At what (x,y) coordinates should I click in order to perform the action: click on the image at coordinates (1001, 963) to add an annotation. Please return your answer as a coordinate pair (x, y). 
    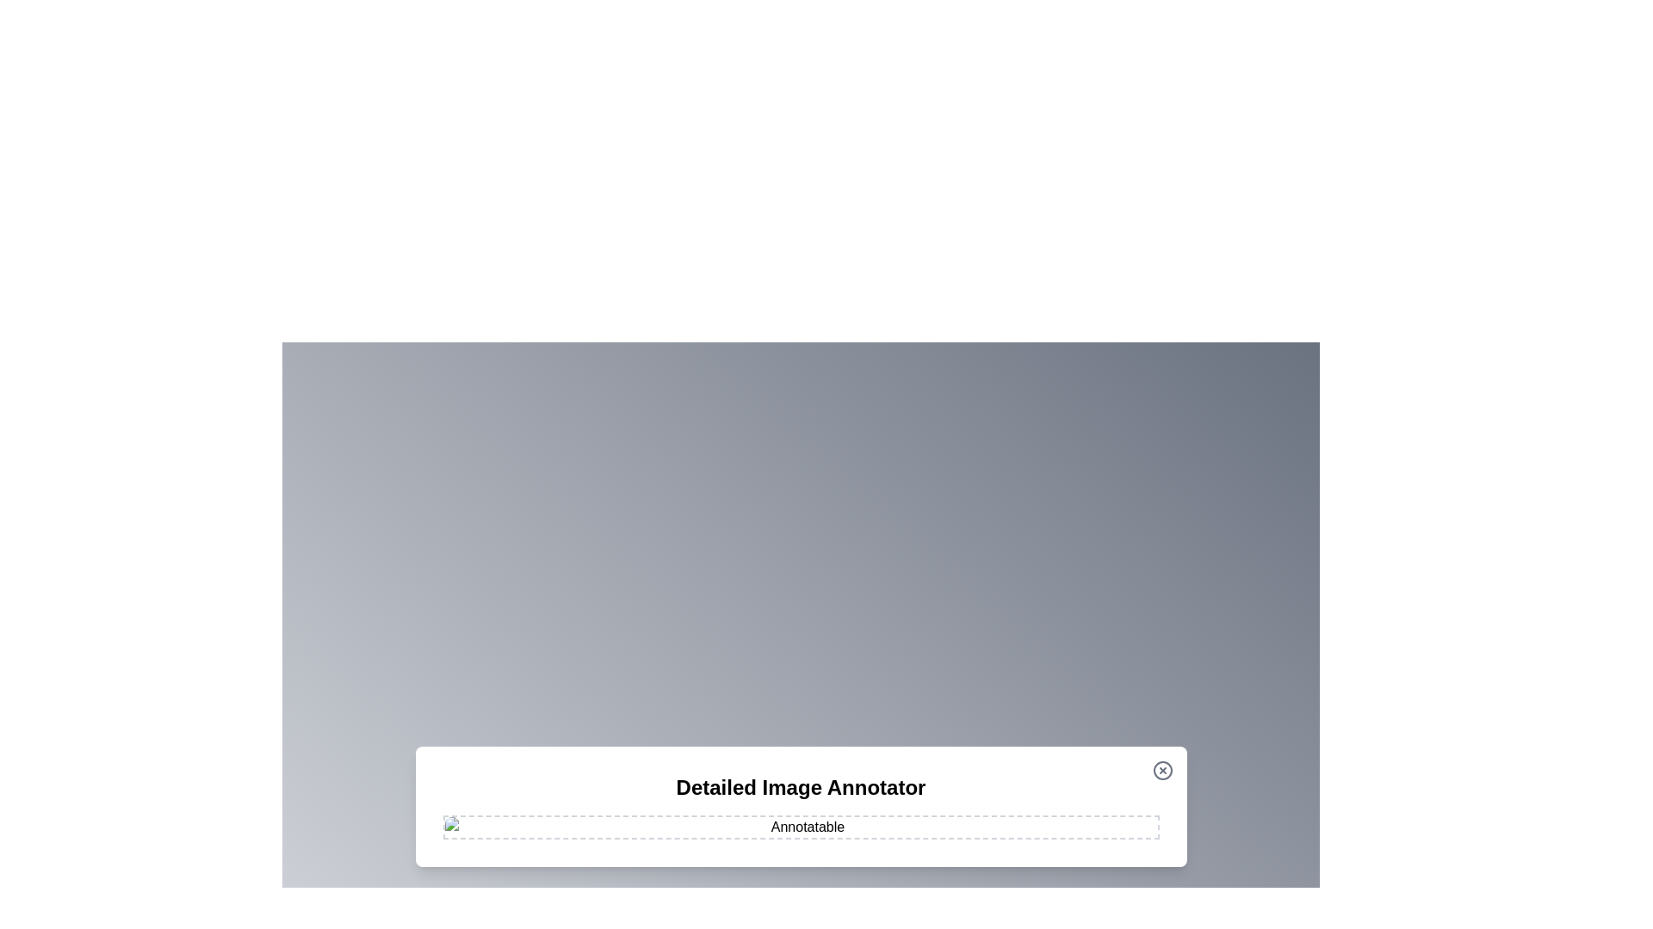
    Looking at the image, I should click on (862, 827).